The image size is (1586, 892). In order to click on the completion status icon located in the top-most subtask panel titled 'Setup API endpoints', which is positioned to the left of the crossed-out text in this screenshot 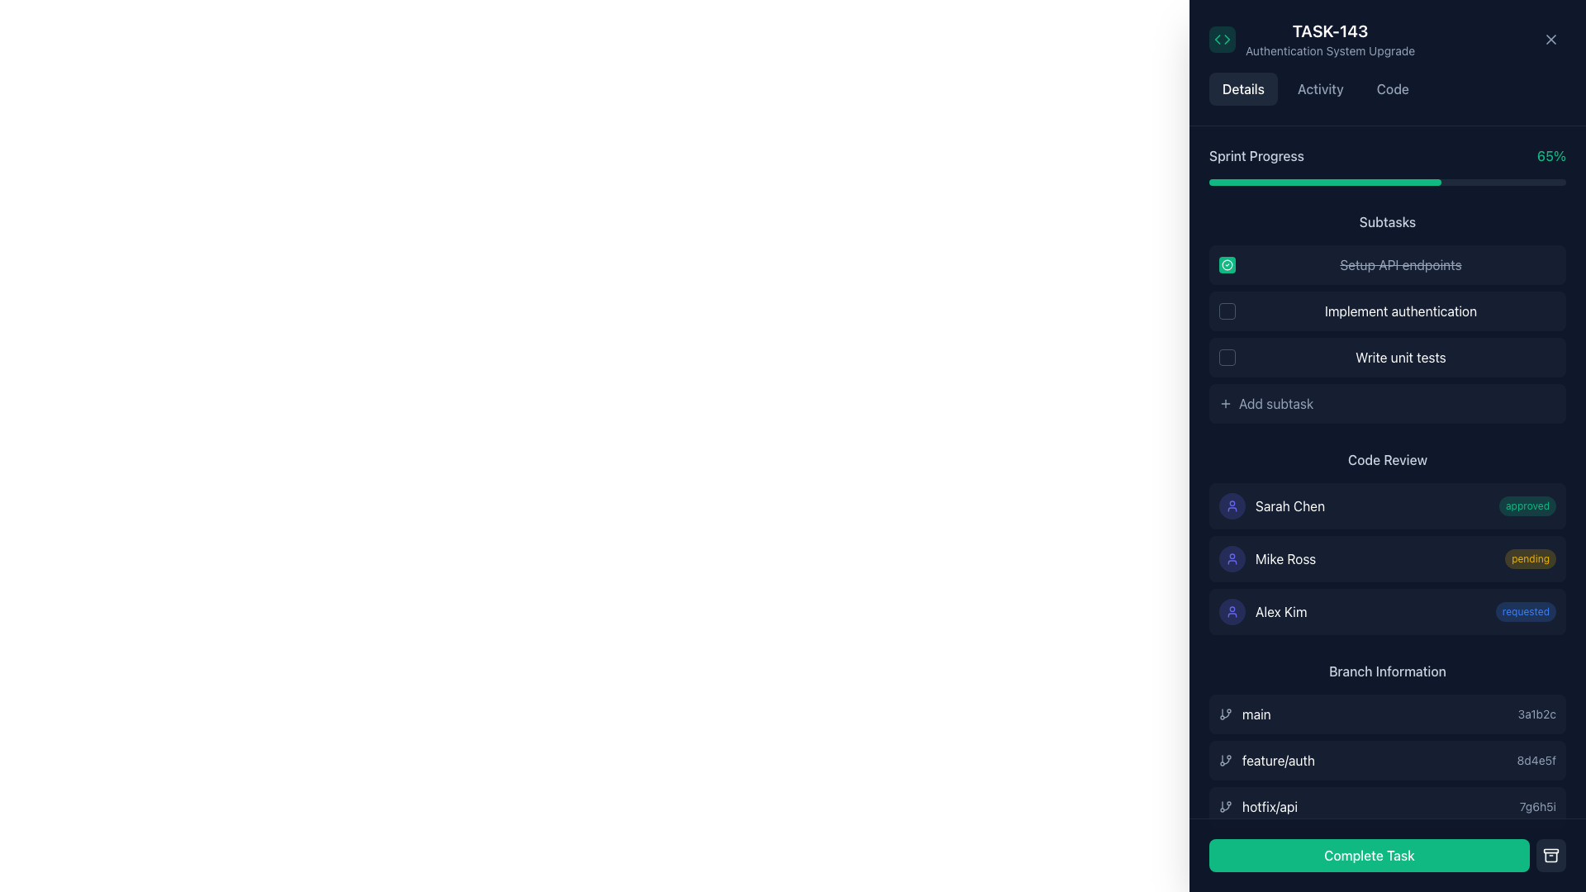, I will do `click(1227, 263)`.